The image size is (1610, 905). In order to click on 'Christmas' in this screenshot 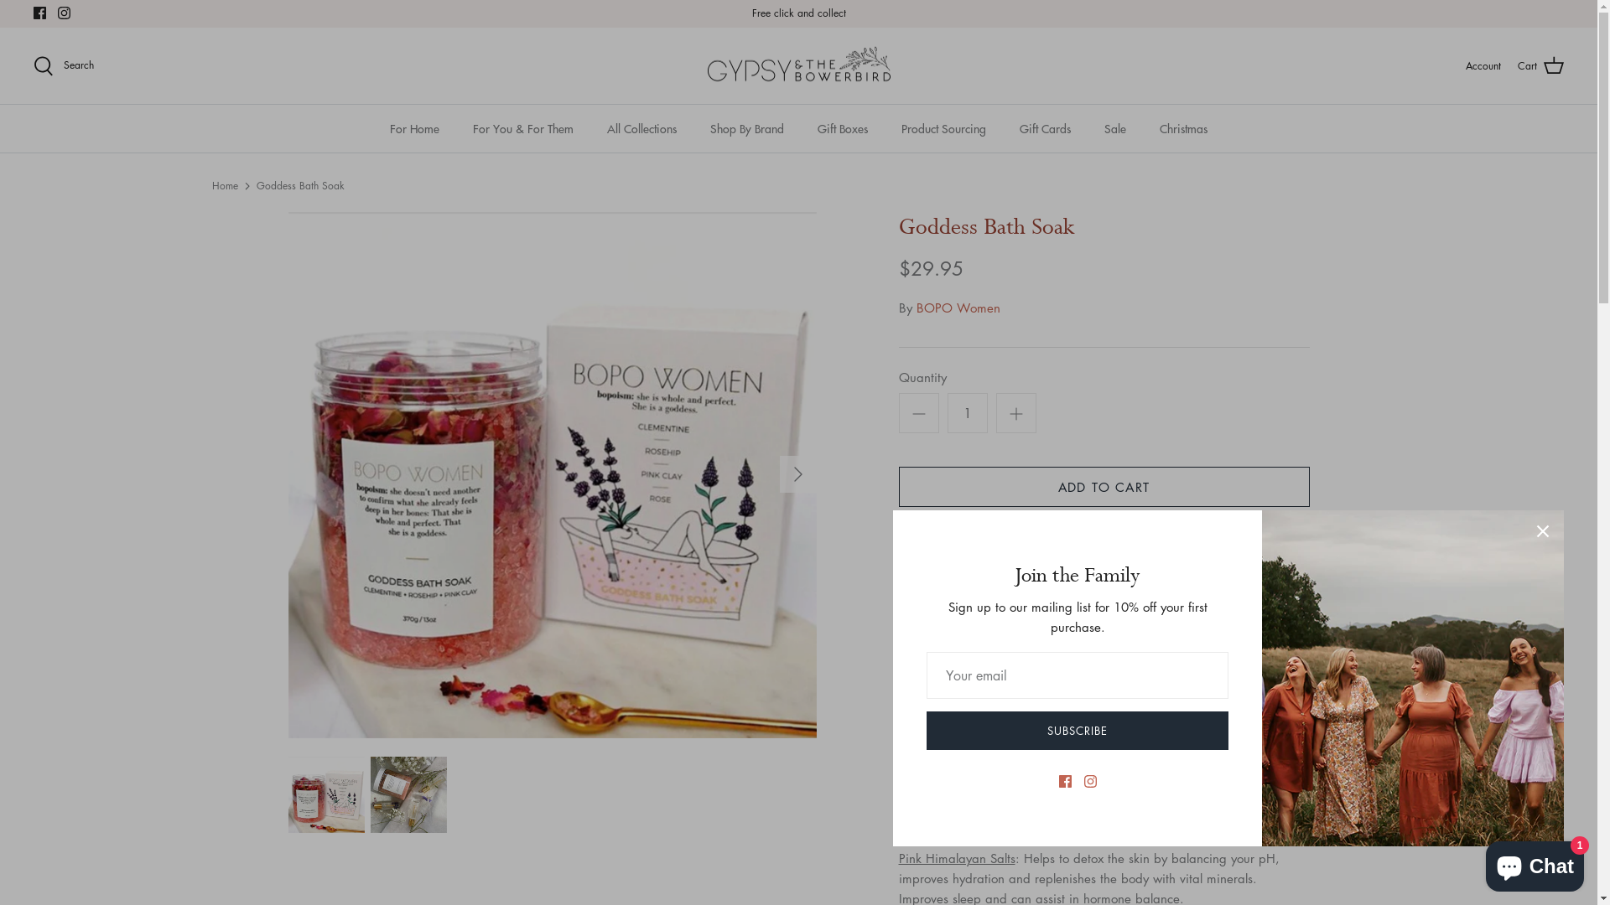, I will do `click(1182, 127)`.